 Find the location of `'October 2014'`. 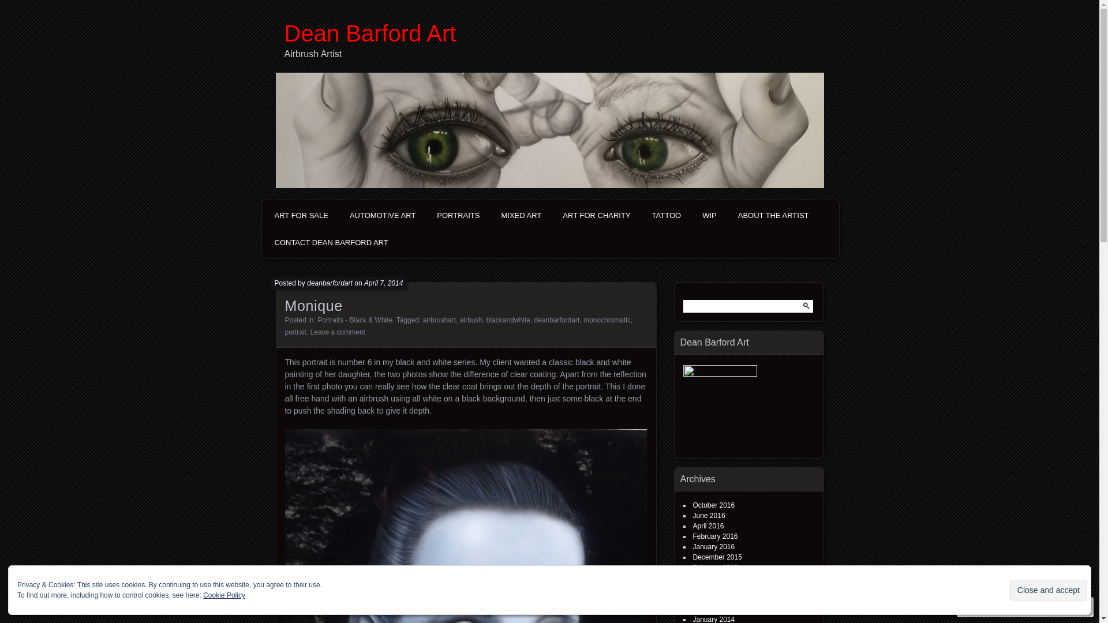

'October 2014' is located at coordinates (713, 578).